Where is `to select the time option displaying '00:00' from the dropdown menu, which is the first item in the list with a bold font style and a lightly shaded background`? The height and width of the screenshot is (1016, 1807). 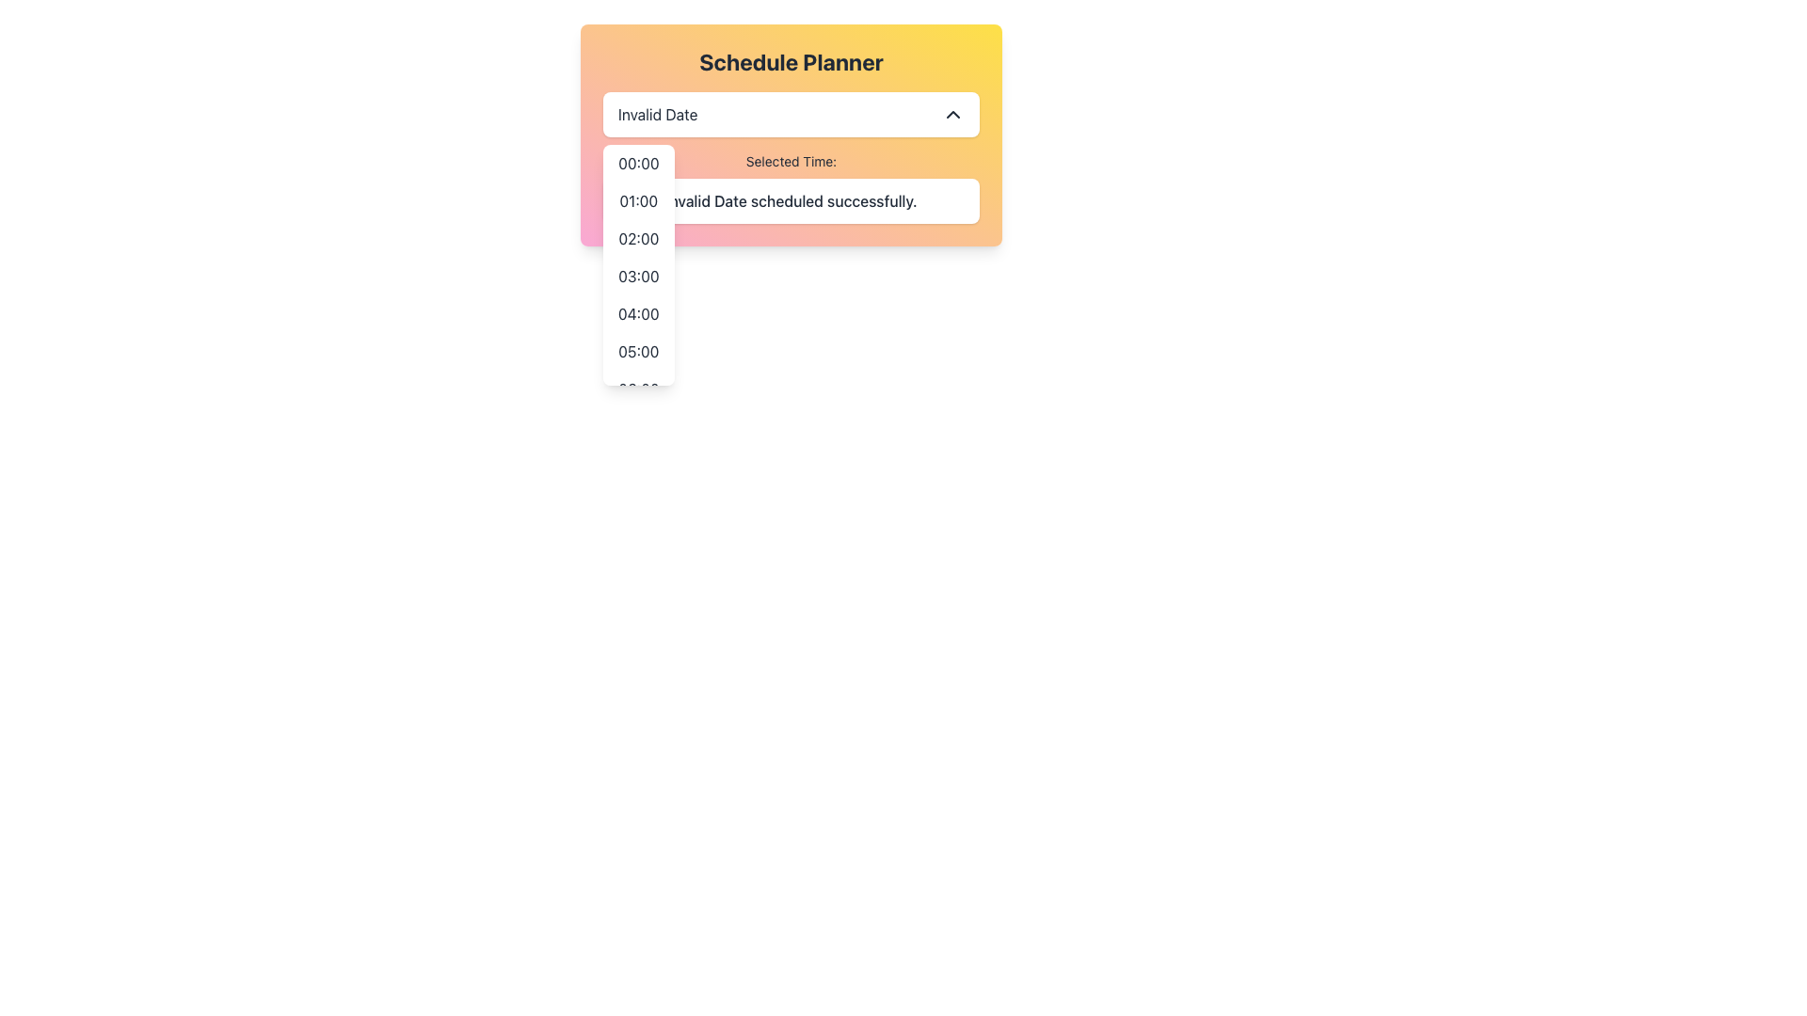
to select the time option displaying '00:00' from the dropdown menu, which is the first item in the list with a bold font style and a lightly shaded background is located at coordinates (638, 162).